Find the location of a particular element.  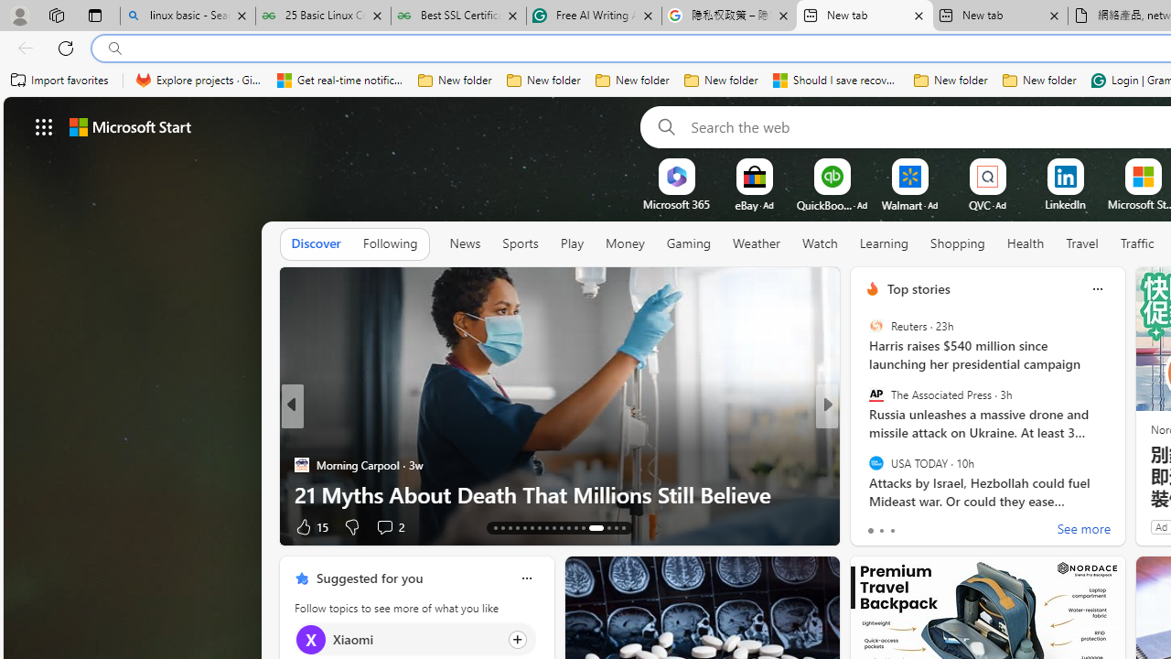

'Travel' is located at coordinates (1082, 243).